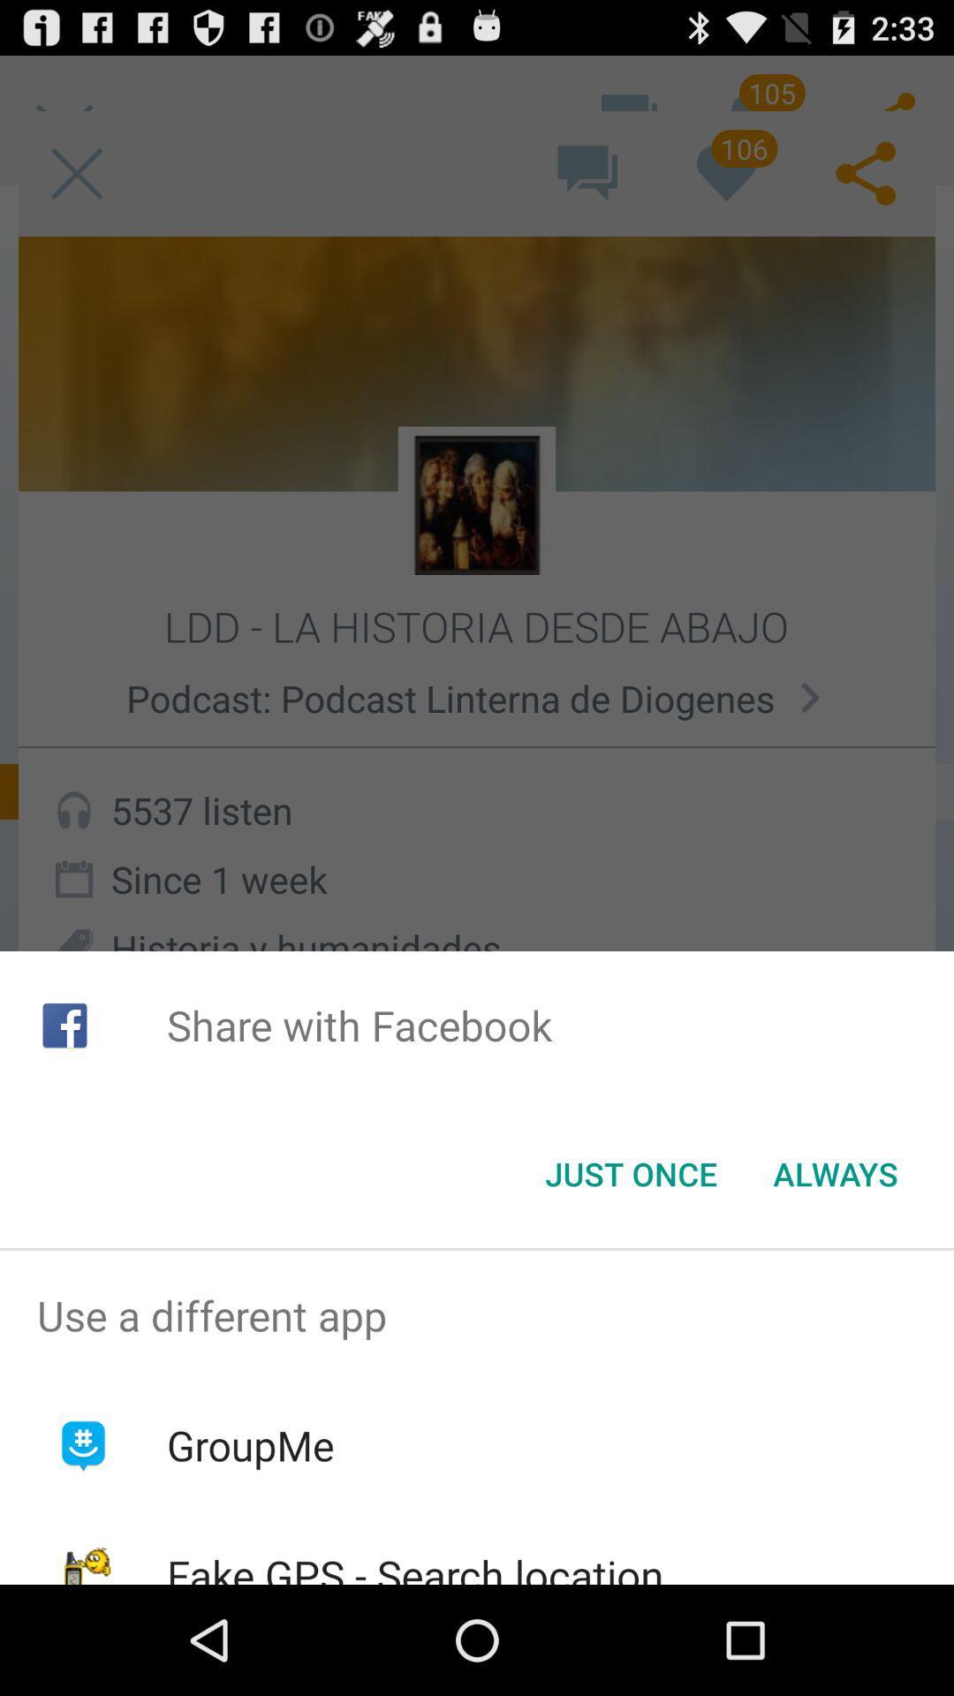 The image size is (954, 1696). I want to click on use a different item, so click(477, 1315).